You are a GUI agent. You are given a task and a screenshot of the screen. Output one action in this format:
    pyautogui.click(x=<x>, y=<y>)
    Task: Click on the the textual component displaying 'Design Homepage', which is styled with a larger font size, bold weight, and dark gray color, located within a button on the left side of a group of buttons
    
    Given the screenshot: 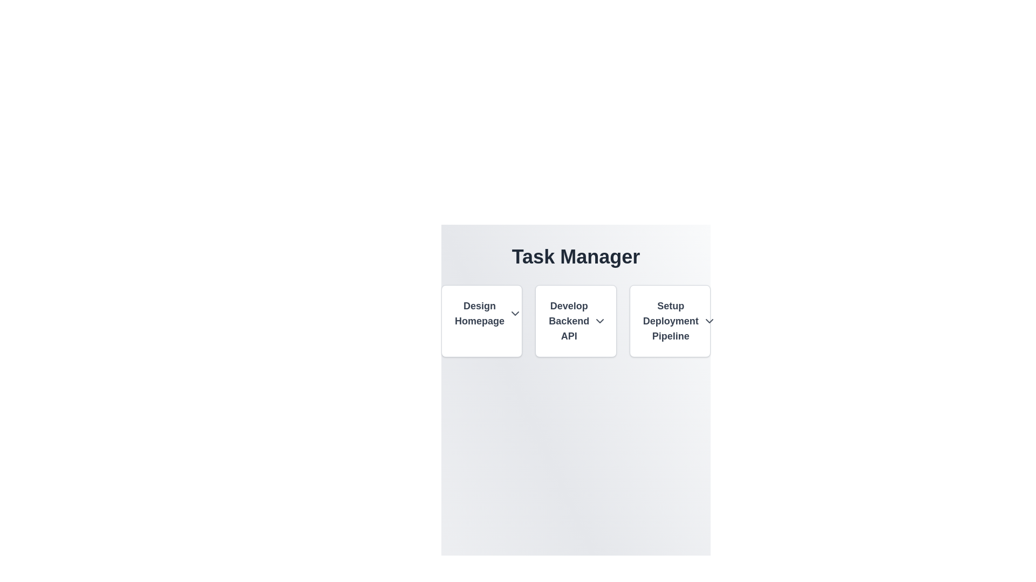 What is the action you would take?
    pyautogui.click(x=479, y=314)
    